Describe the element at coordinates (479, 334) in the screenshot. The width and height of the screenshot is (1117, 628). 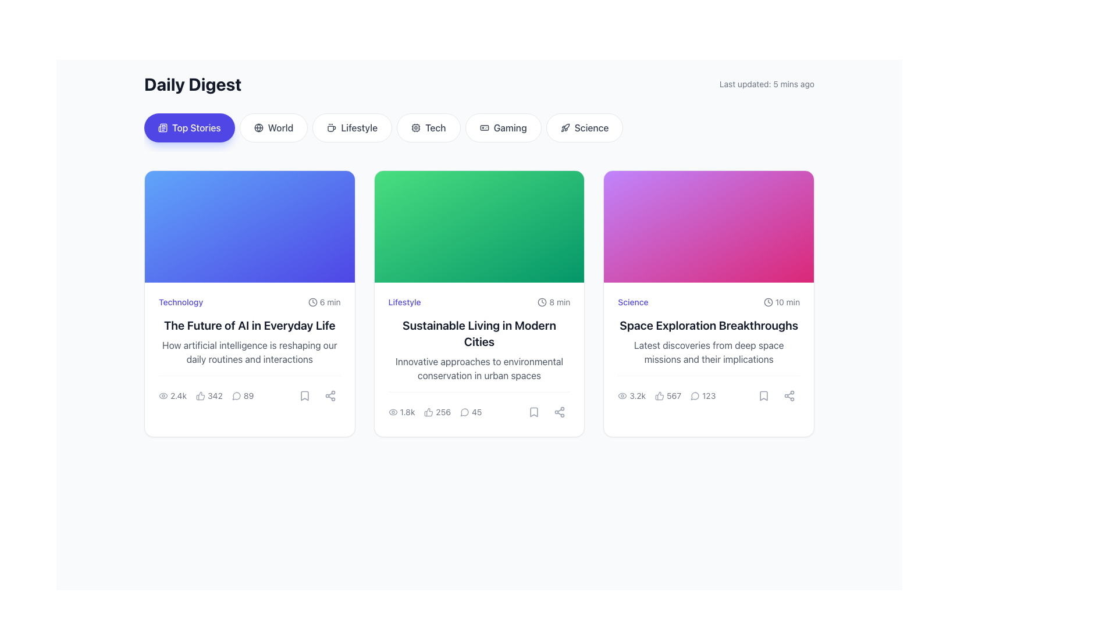
I see `text label that displays 'Sustainable Living in Modern Cities', which is prominently styled in bold black font and located within the central card of a three-card grid layout` at that location.